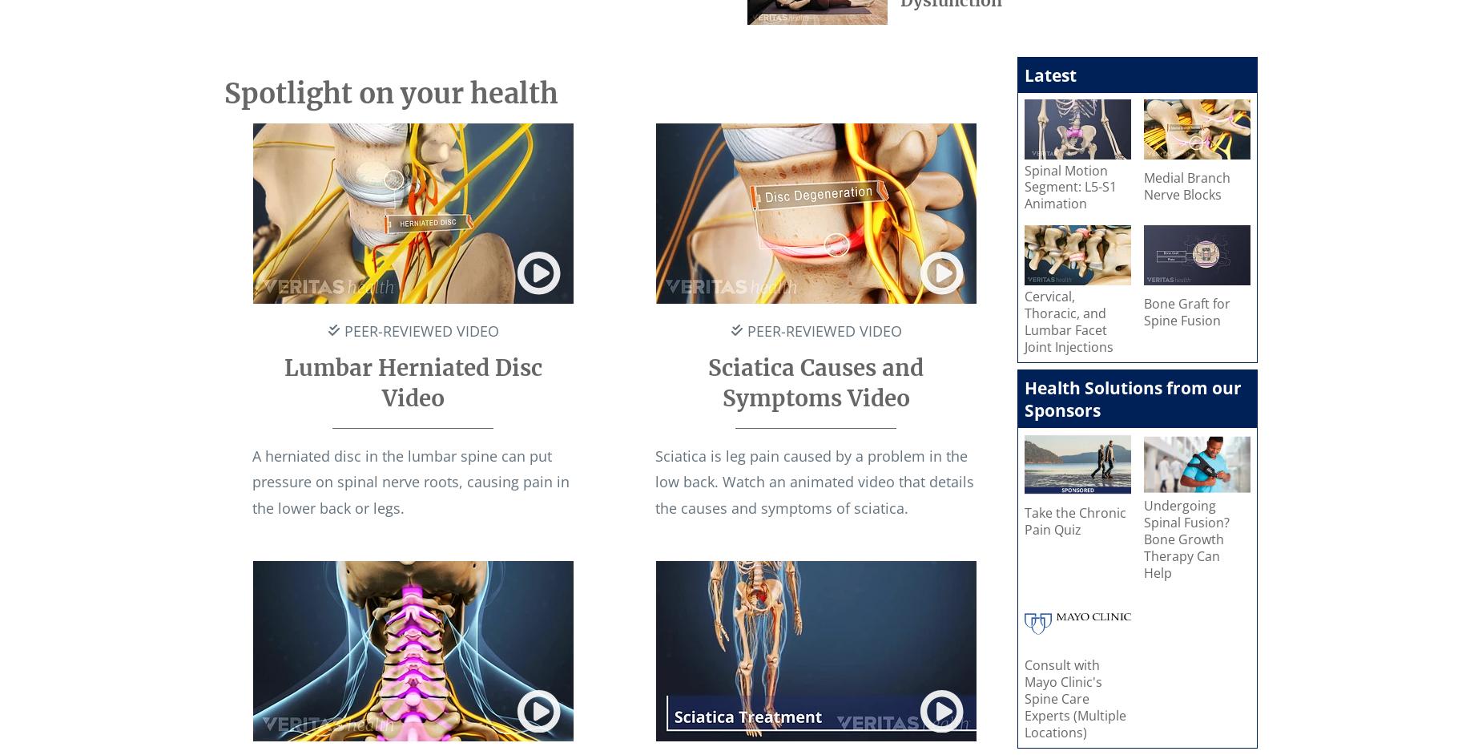 The height and width of the screenshot is (755, 1482). What do you see at coordinates (1068, 321) in the screenshot?
I see `'Cervical, Thoracic, and Lumbar Facet Joint Injections'` at bounding box center [1068, 321].